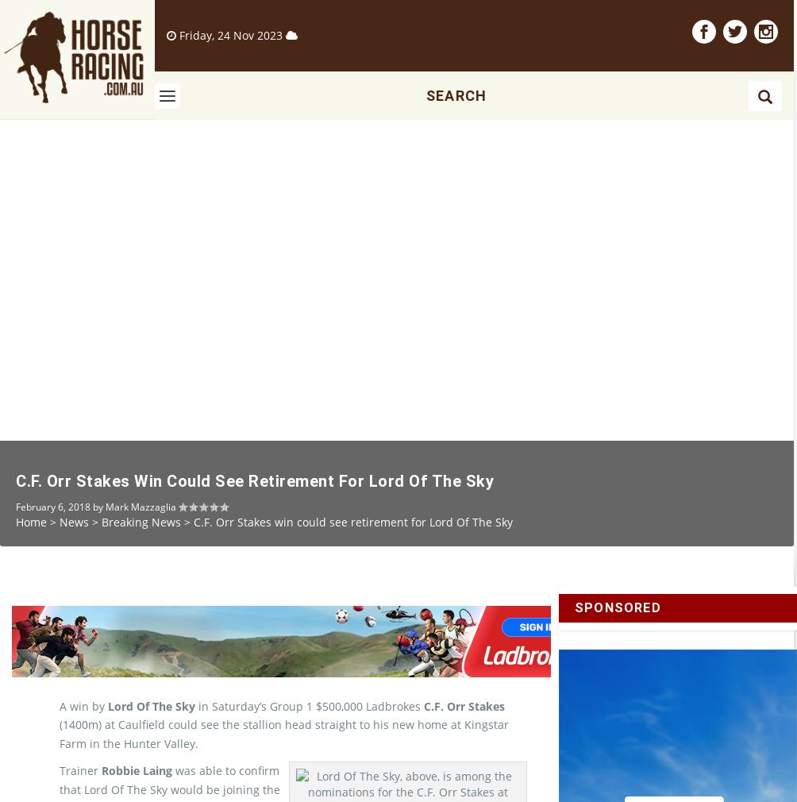 The height and width of the screenshot is (802, 797). I want to click on 'A win by', so click(83, 733).